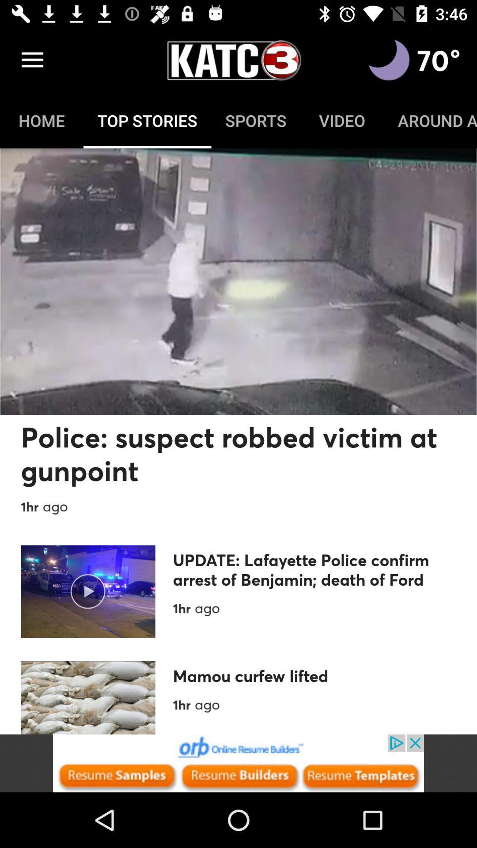  What do you see at coordinates (389, 60) in the screenshot?
I see `advertisement` at bounding box center [389, 60].